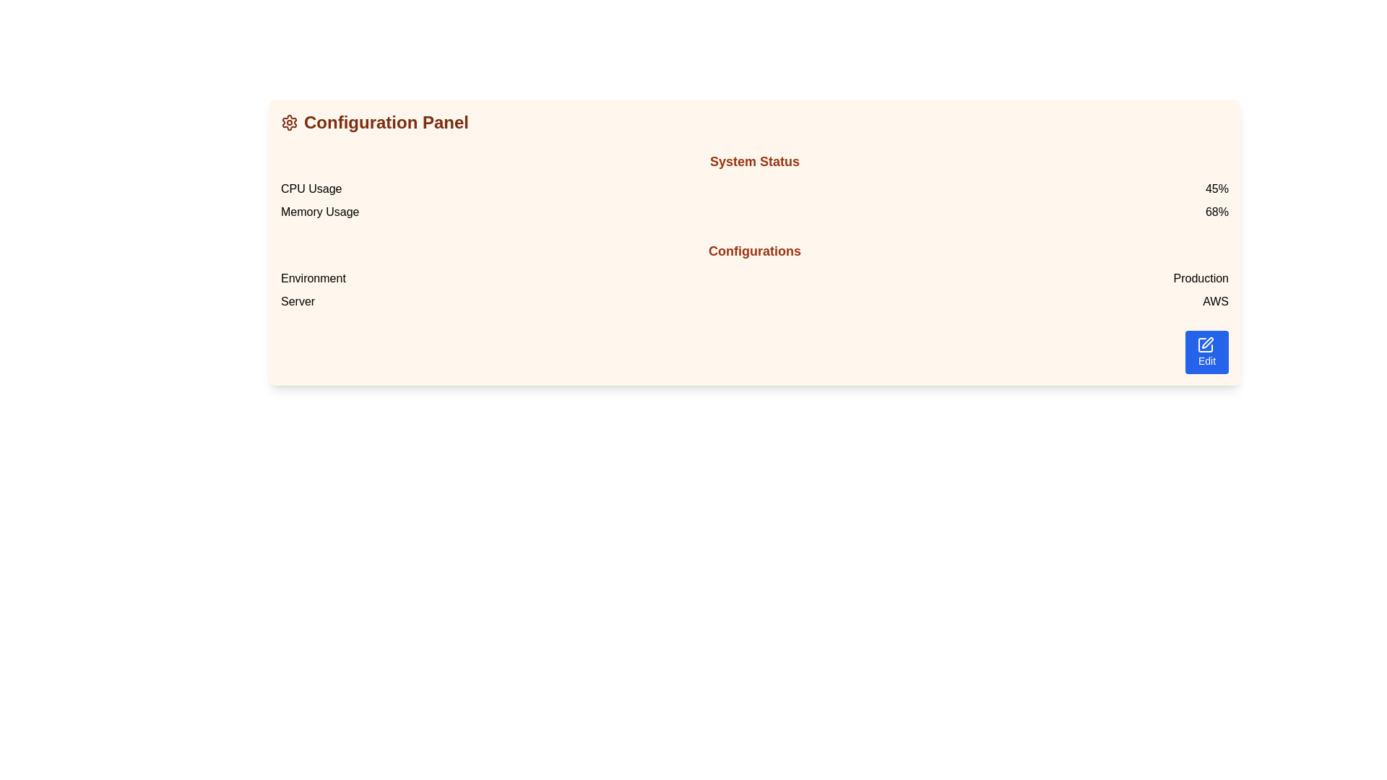 The image size is (1387, 780). I want to click on the Text Label displaying '68%' in bold black font, which is part of the Memory Usage section and is located adjacent to the 'Memory Usage' label, so click(1216, 212).